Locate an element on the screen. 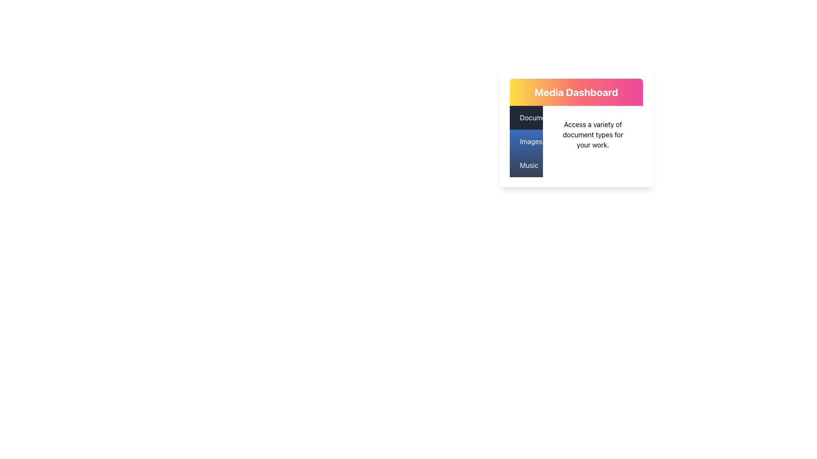 Image resolution: width=817 pixels, height=459 pixels. the 'Music' categorization option in the Media Dashboard section, which is the third item in the list following 'Documents' and 'Images.' is located at coordinates (526, 165).